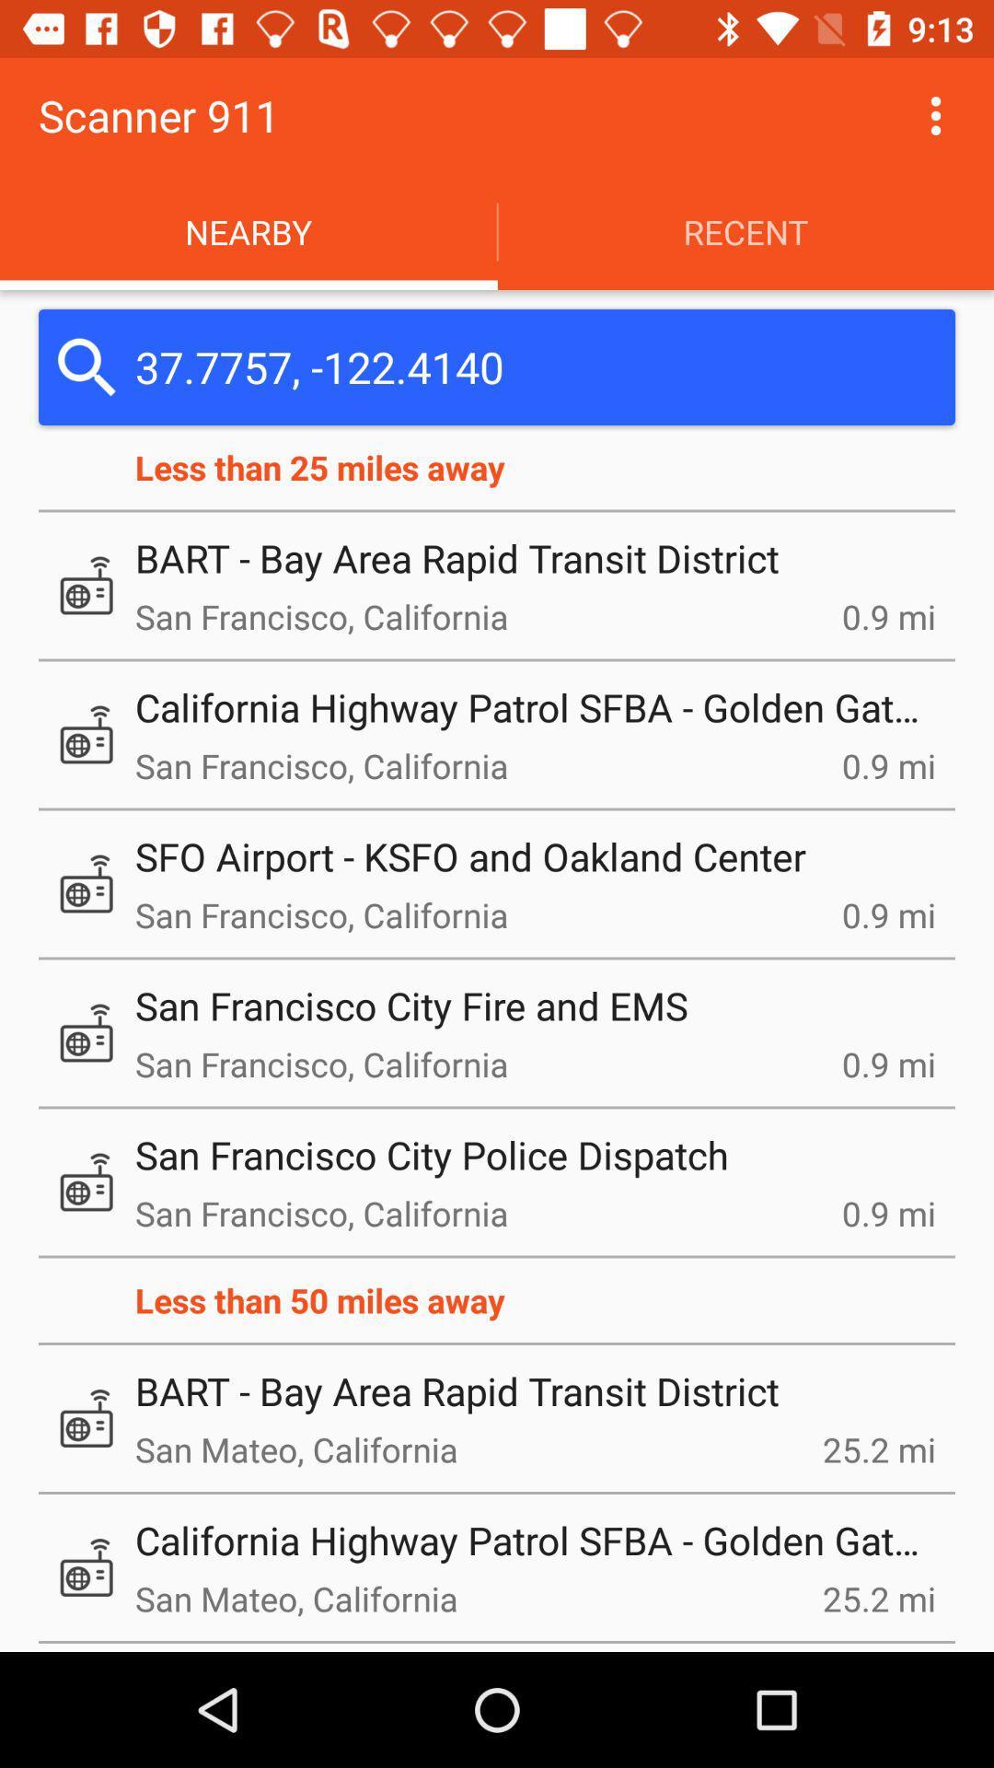 The height and width of the screenshot is (1768, 994). What do you see at coordinates (936, 114) in the screenshot?
I see `open menu options` at bounding box center [936, 114].